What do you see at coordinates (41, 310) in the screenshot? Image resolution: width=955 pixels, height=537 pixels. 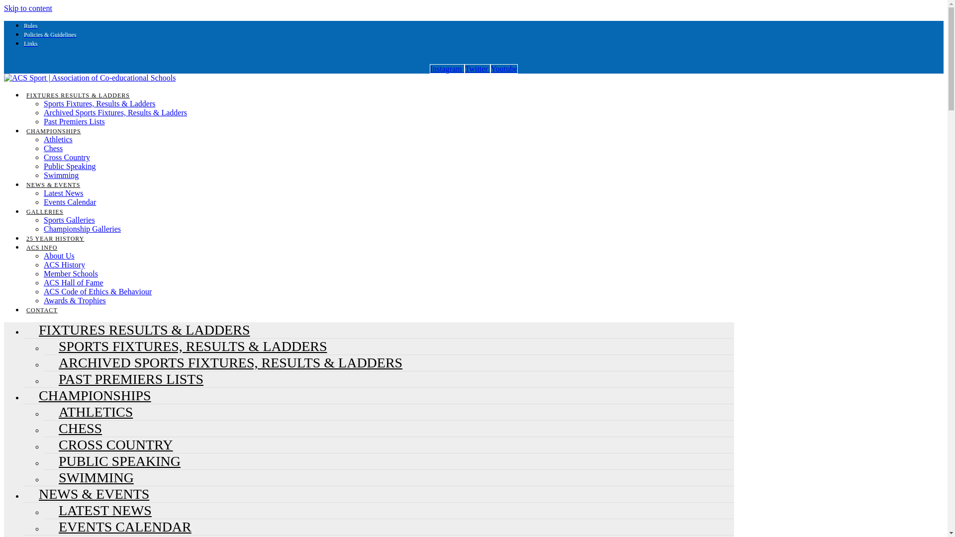 I see `'CONTACT'` at bounding box center [41, 310].